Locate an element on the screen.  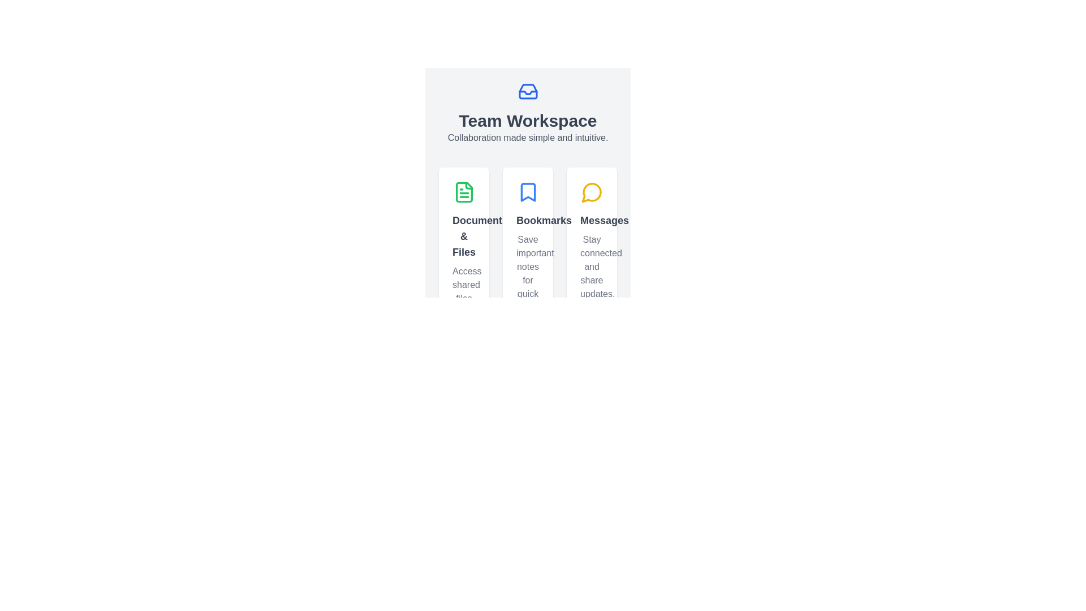
the 'Messages' card icon, which is located at the top center of the card and serves as a visual identifier for the card's purpose is located at coordinates (591, 191).